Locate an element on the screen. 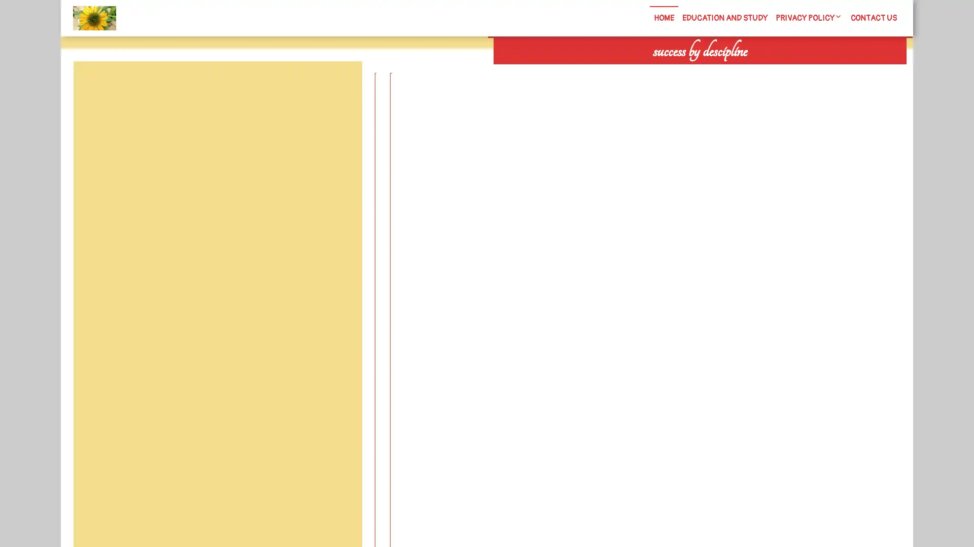 The image size is (974, 547). Search is located at coordinates (338, 85).